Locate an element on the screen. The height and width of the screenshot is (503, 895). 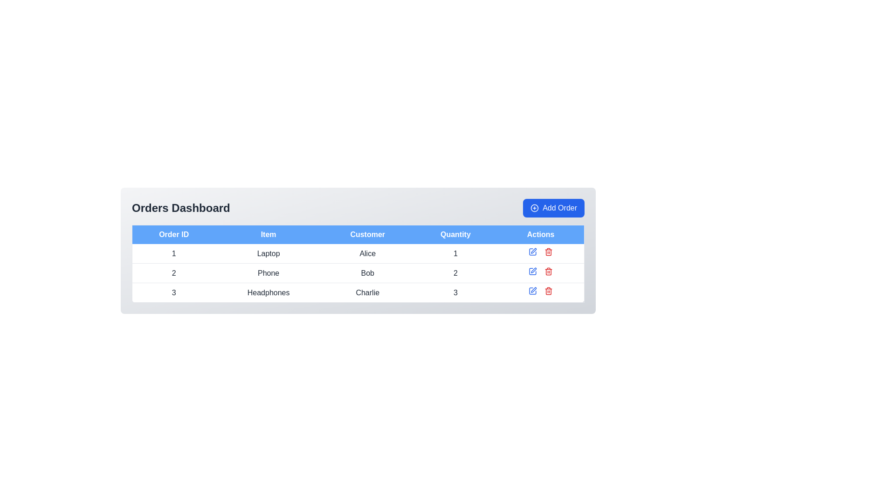
the table cell containing the number '1' in the first row and first column of the Orders Dashboard is located at coordinates (173, 253).